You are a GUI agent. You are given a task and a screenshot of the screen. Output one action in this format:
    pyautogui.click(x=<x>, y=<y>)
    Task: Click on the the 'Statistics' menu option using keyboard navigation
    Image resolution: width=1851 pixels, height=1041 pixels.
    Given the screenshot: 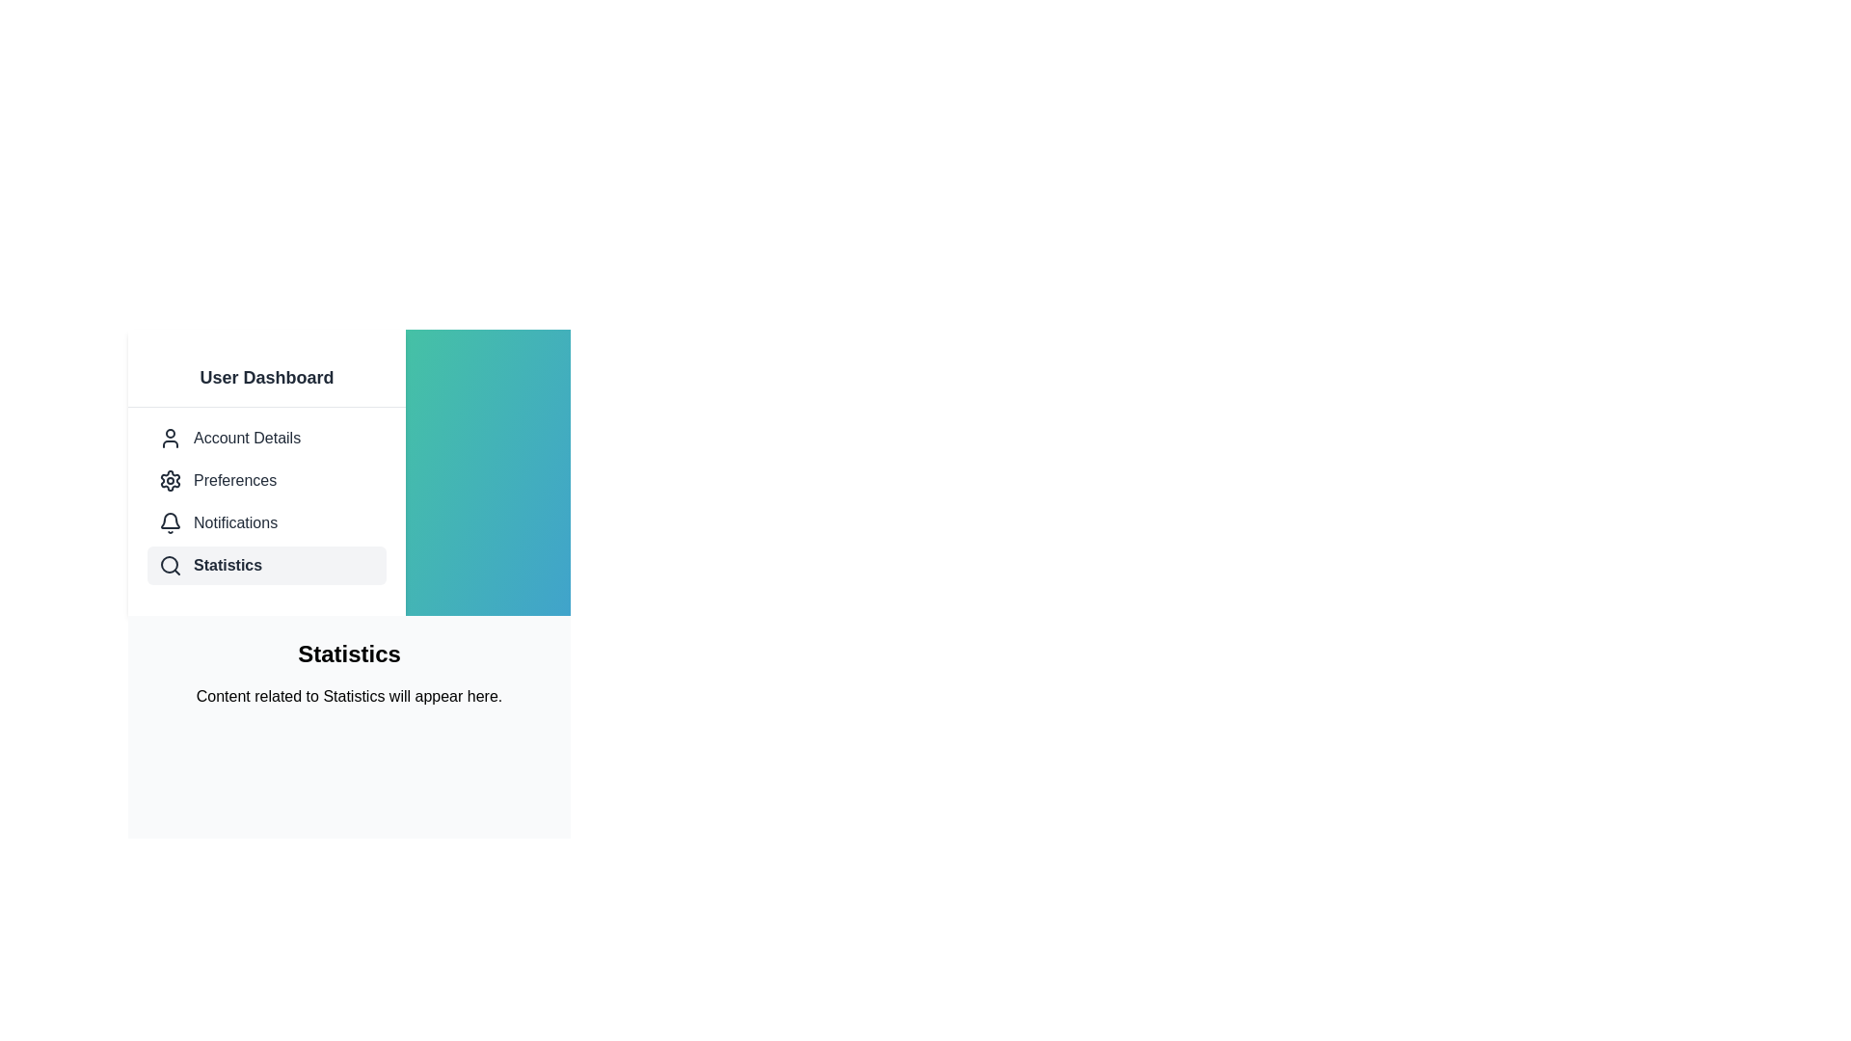 What is the action you would take?
    pyautogui.click(x=266, y=564)
    